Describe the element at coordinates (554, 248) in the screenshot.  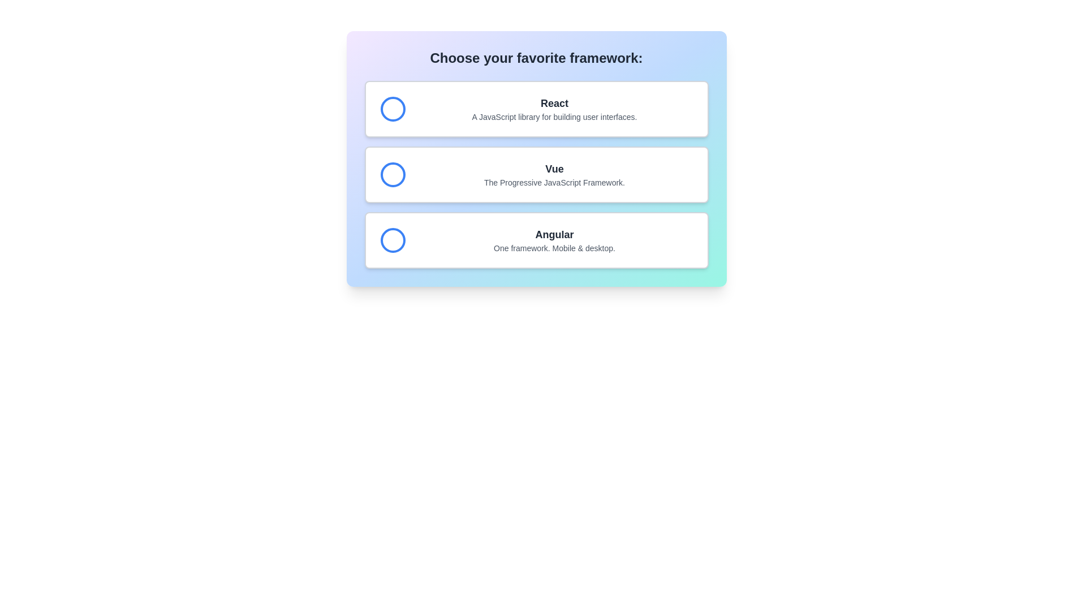
I see `the static text that provides descriptive information about the 'Angular' option, located below the bold 'Angular' title in the selection interface` at that location.